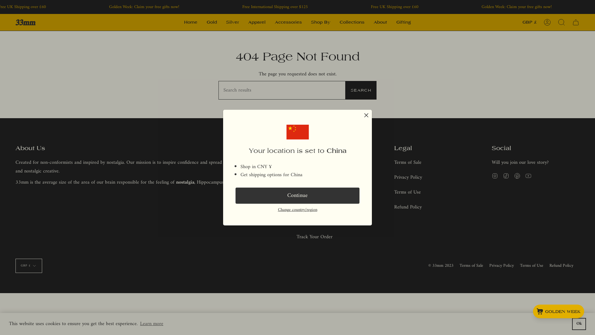  What do you see at coordinates (514, 176) in the screenshot?
I see `'Pinterest'` at bounding box center [514, 176].